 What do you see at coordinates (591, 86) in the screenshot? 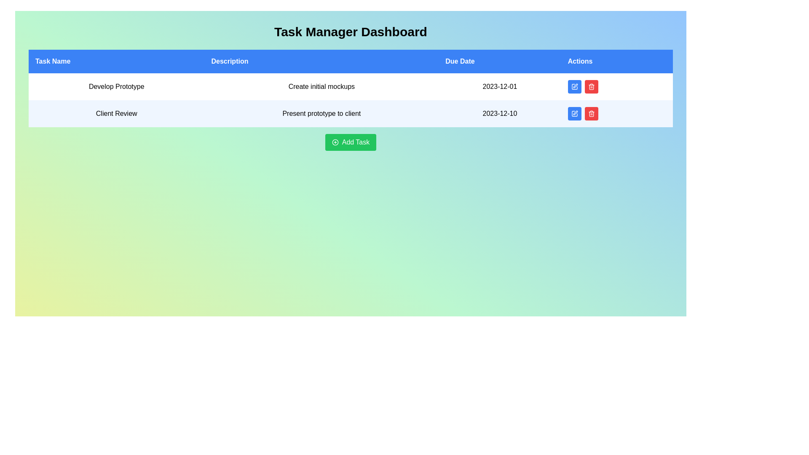
I see `the delete button located in the 'Actions' column of the first row of the task list table, to the right of the blue pen icon button` at bounding box center [591, 86].